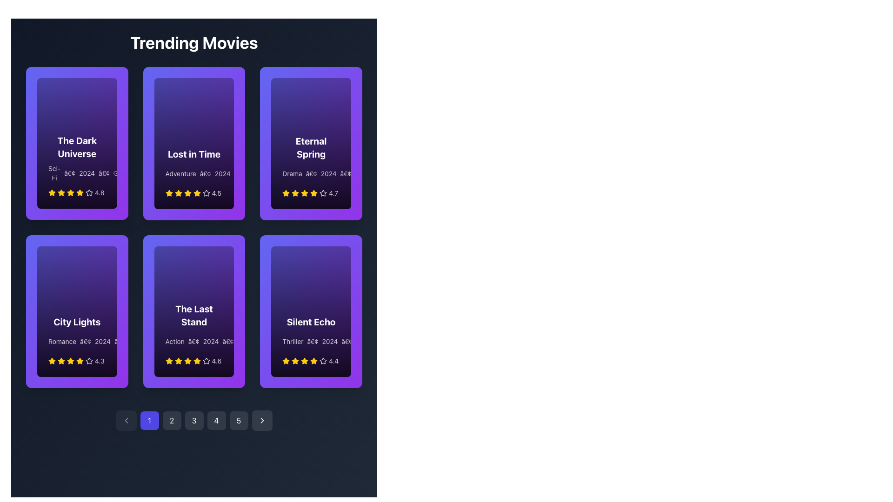  Describe the element at coordinates (180, 173) in the screenshot. I see `the static text label that indicates the genre of the movie, positioned beneath the 'Lost in Time' card and before the bullet and year '2024'` at that location.